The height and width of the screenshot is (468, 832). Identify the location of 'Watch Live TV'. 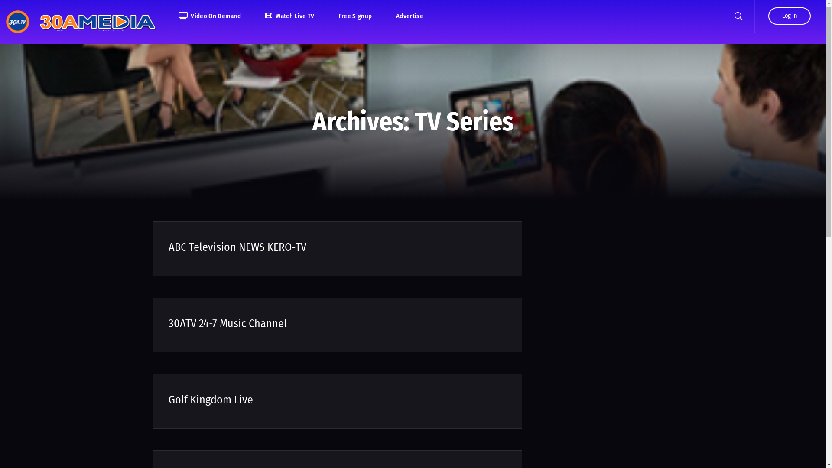
(253, 16).